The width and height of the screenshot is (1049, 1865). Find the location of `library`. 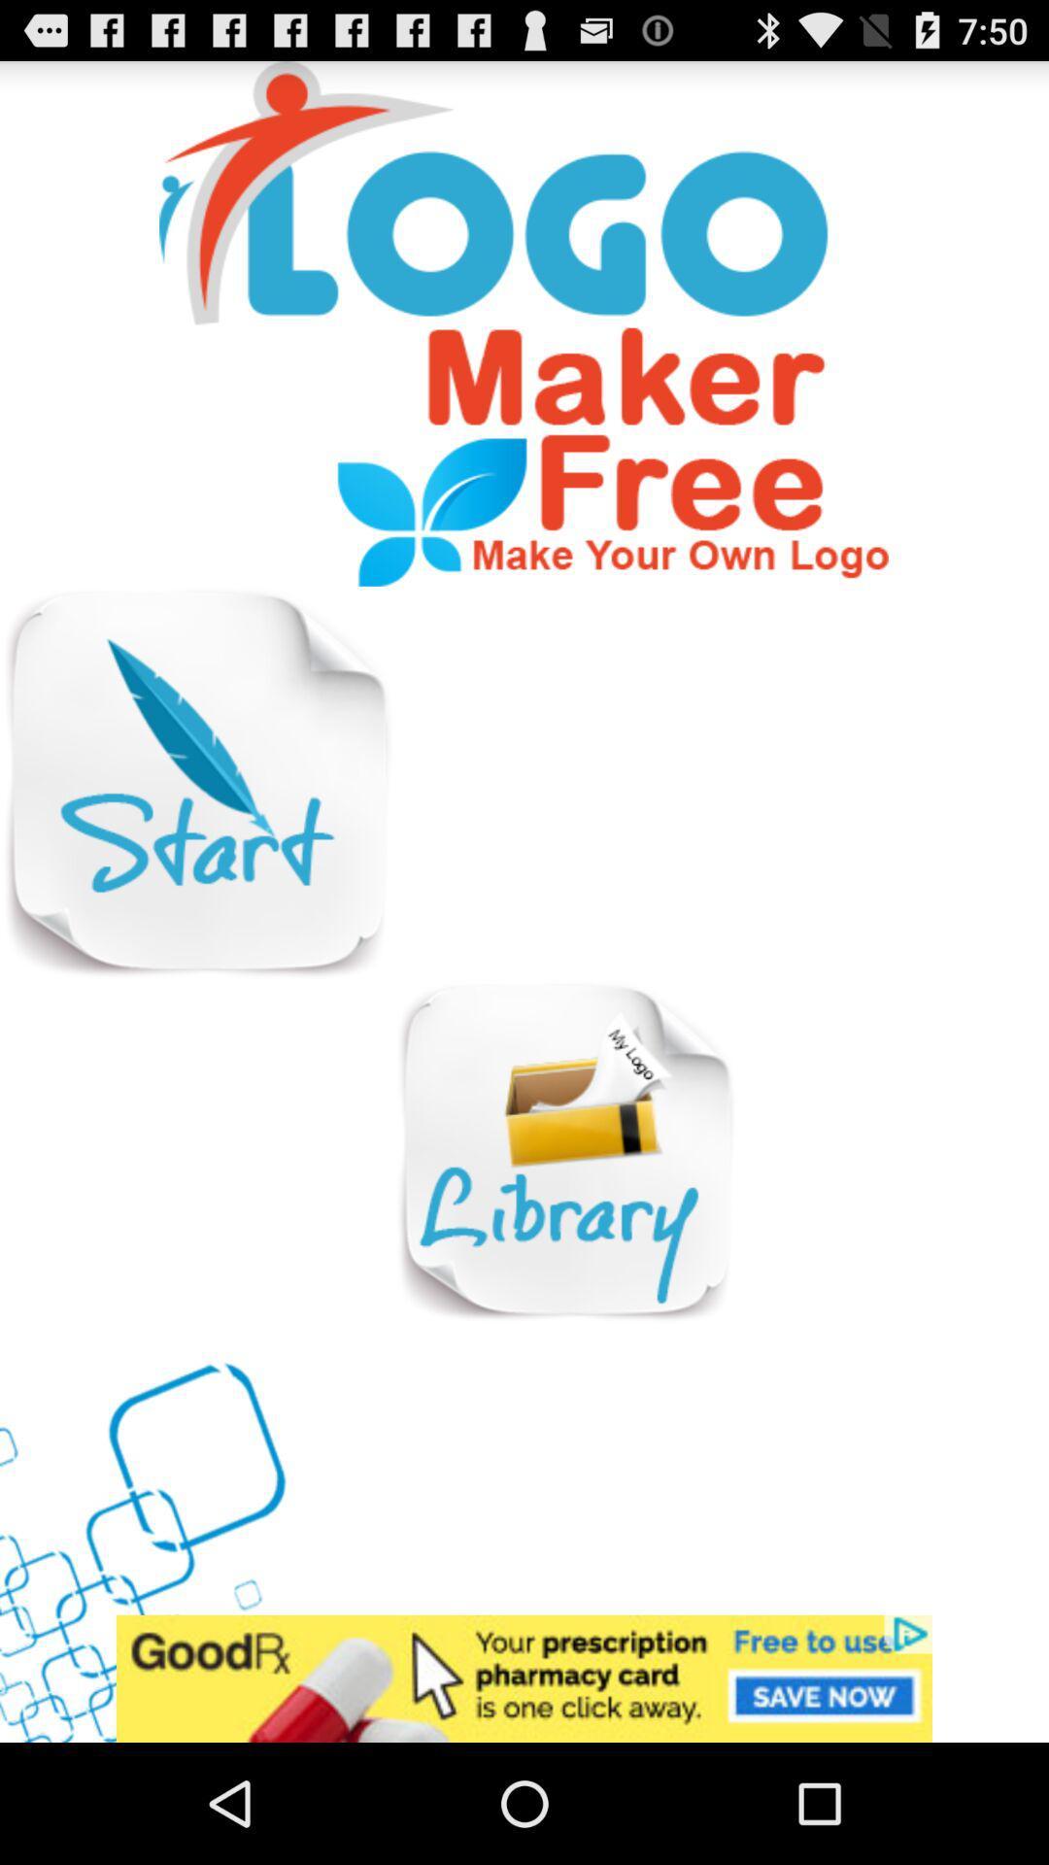

library is located at coordinates (565, 1152).